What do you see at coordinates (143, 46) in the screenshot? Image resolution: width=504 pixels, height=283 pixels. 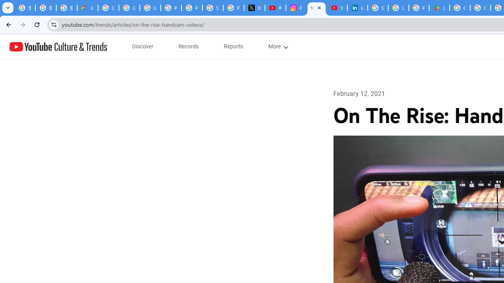 I see `'subnav-Discover menupopup'` at bounding box center [143, 46].